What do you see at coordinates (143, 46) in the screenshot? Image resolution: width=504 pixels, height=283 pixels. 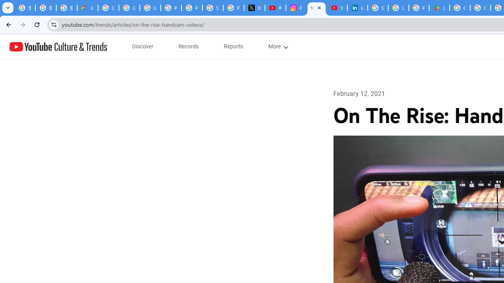 I see `'subnav-Discover menupopup'` at bounding box center [143, 46].